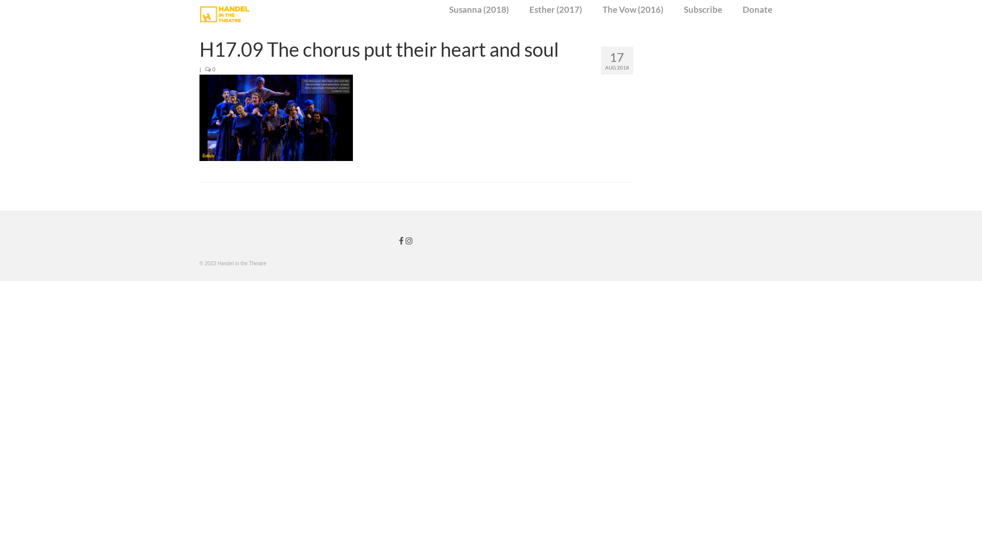  Describe the element at coordinates (409, 241) in the screenshot. I see `'Handel in the Theatre on Instagram'` at that location.